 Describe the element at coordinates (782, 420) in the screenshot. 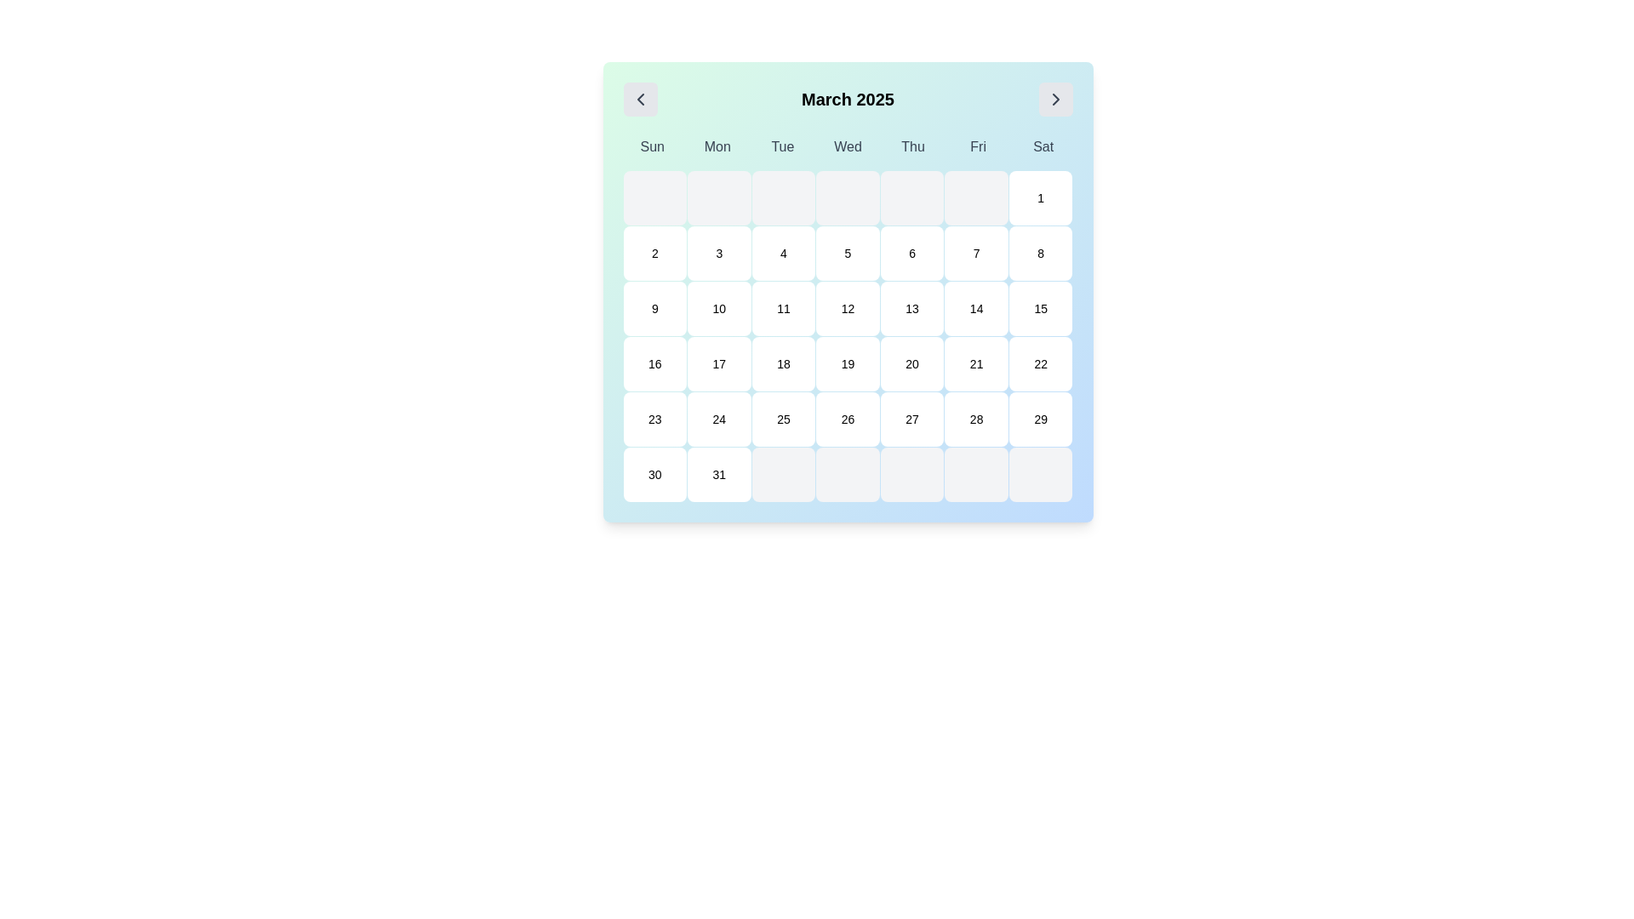

I see `the calendar day cell representing the date 25 in the fifth row and fifth column of the grid` at that location.